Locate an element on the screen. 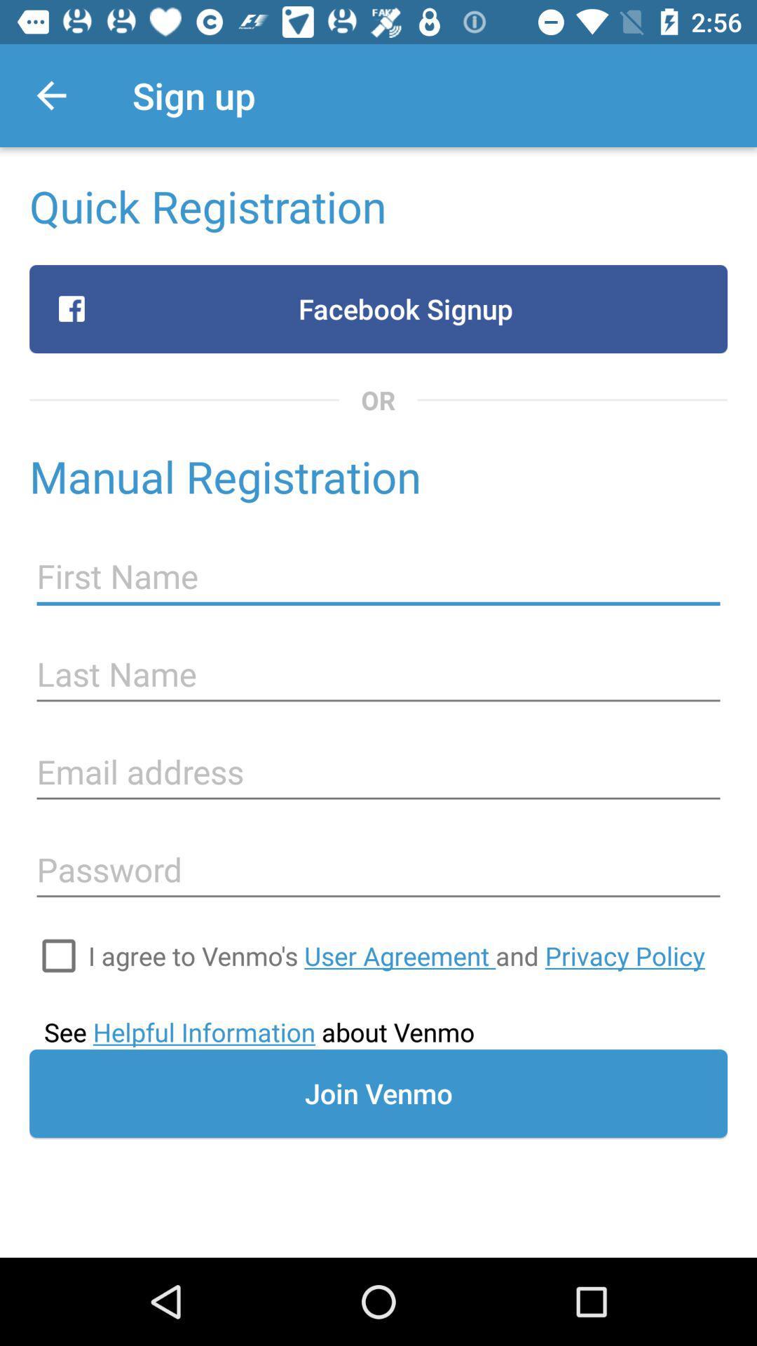 Image resolution: width=757 pixels, height=1346 pixels. icon to the left of i agree to item is located at coordinates (58, 955).